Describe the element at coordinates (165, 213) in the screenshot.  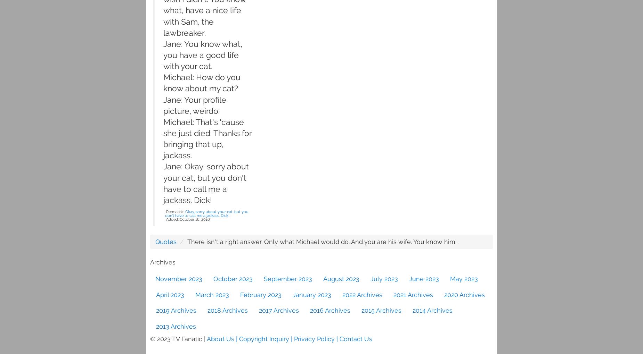
I see `'Okay, sorry about your cat, but you don't have to call me a jackass. Dick!'` at that location.